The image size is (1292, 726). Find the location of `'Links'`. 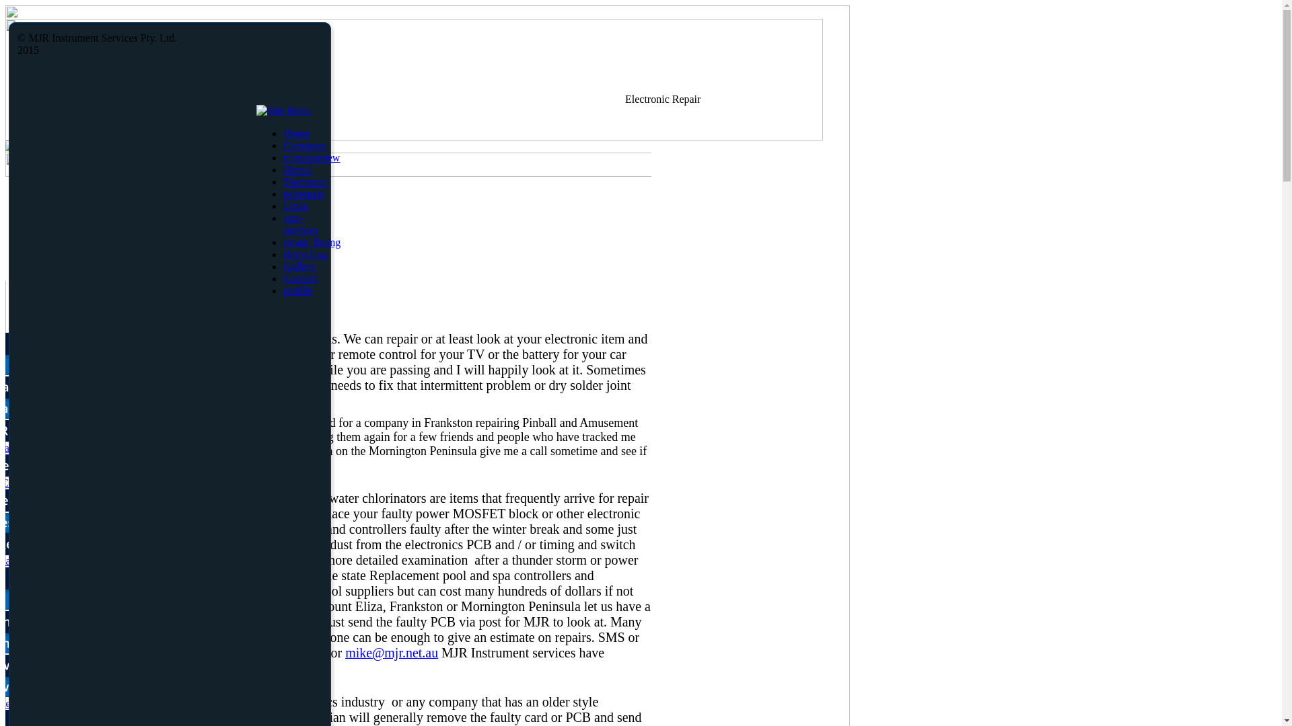

'Links' is located at coordinates (294, 206).